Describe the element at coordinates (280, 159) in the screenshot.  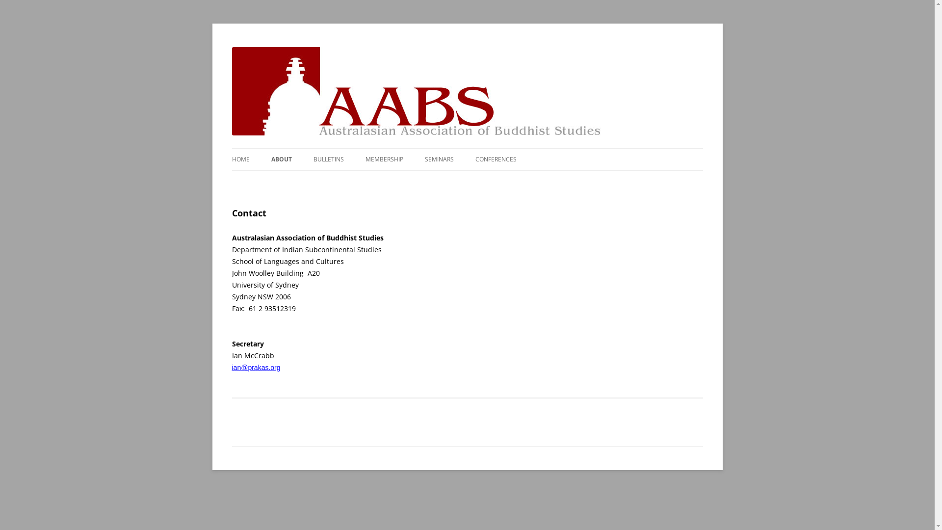
I see `'ABOUT'` at that location.